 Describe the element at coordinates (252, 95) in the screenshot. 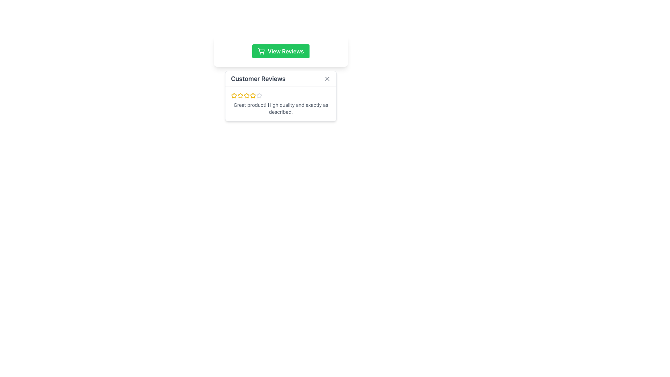

I see `the sixth star-shaped icon with a golden yellow outline in the 'Customer Reviews' section of the rating widget` at that location.